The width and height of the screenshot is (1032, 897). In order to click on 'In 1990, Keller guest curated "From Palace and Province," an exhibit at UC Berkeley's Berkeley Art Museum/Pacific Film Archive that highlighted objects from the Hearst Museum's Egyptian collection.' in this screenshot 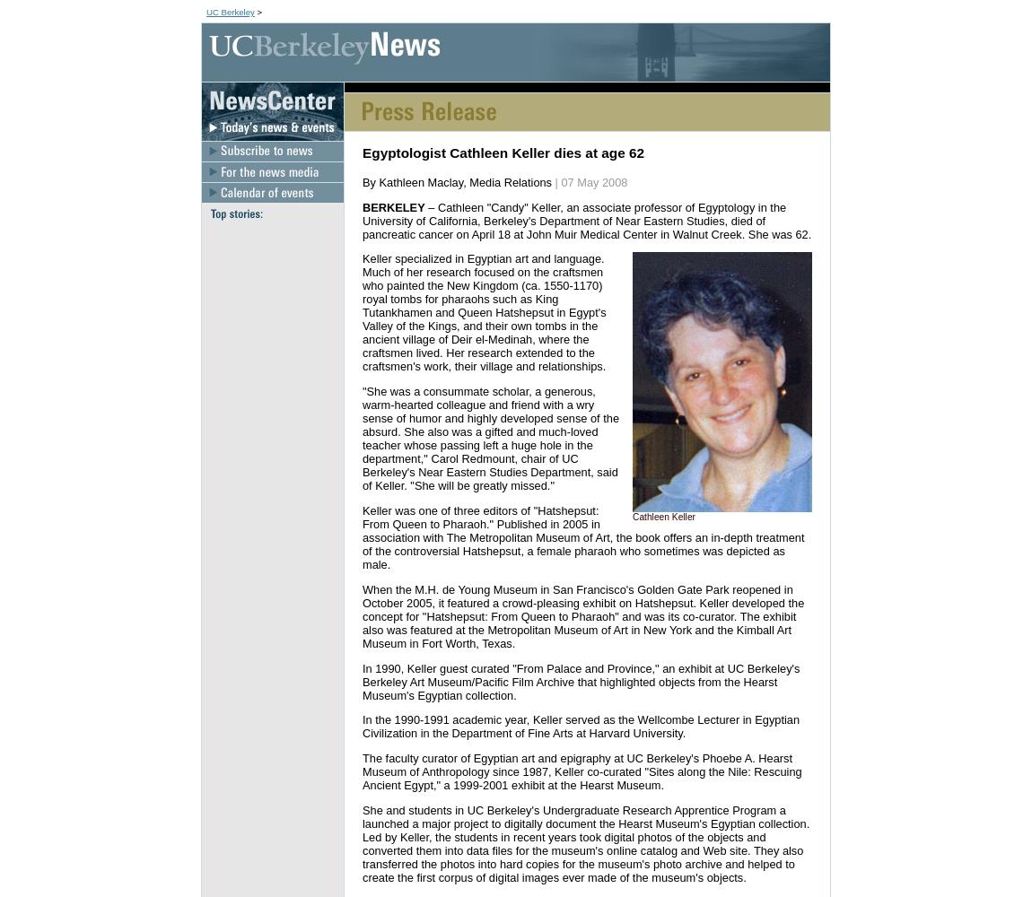, I will do `click(580, 681)`.